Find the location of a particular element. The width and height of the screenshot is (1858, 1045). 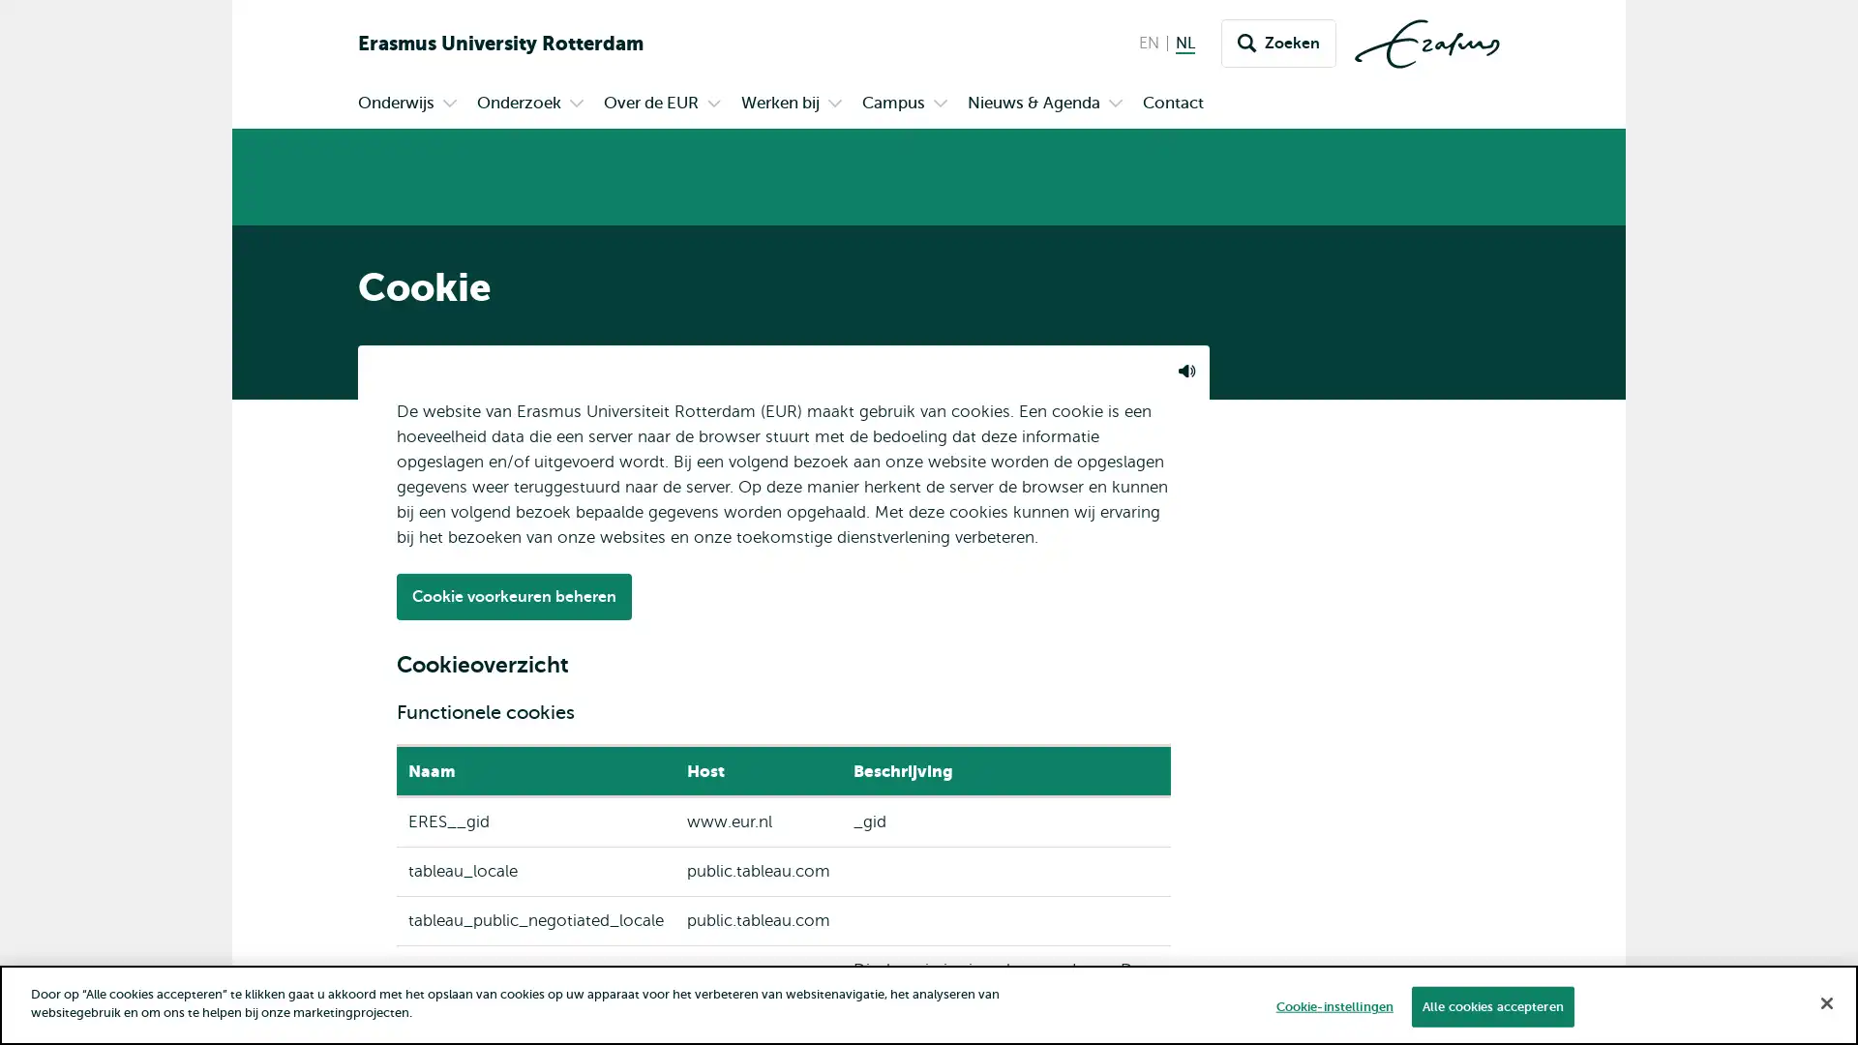

Open submenu is located at coordinates (713, 104).